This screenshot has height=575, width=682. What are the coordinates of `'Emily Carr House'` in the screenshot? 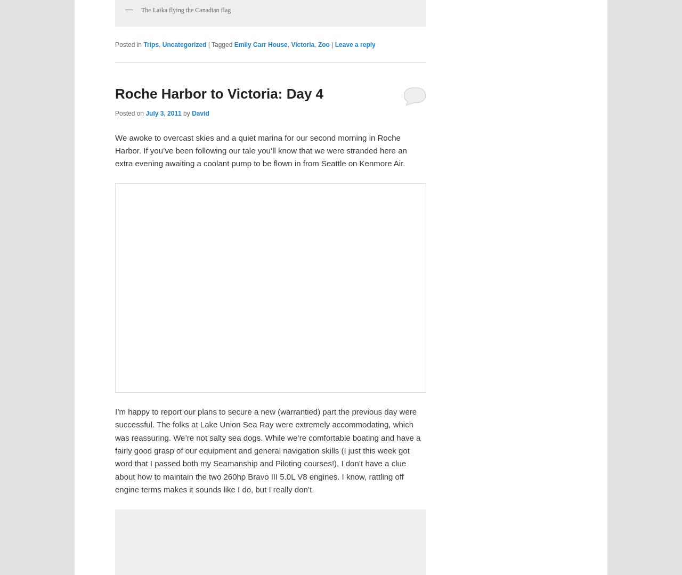 It's located at (260, 43).